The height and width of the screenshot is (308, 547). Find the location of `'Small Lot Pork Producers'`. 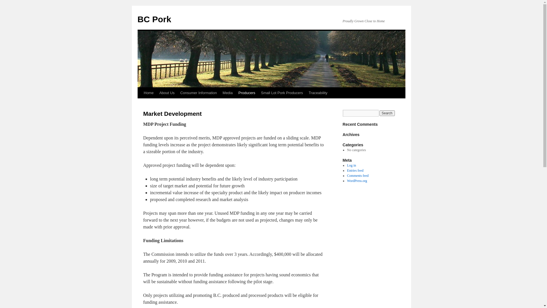

'Small Lot Pork Producers' is located at coordinates (282, 93).